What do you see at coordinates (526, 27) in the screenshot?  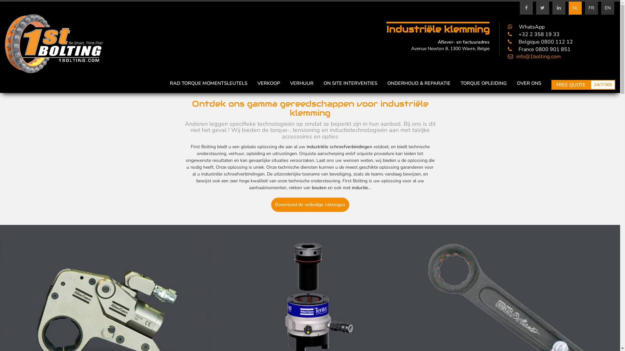 I see `'WhatsApp'` at bounding box center [526, 27].